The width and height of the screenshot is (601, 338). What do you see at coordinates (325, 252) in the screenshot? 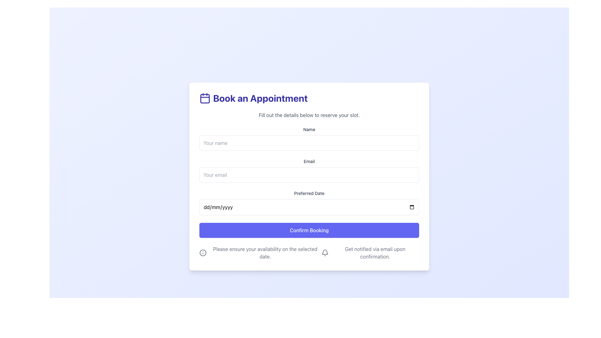
I see `the bell-shaped notification icon located to the left of the text 'Get notified via email upon confirmation.' in the bottom-right corner of the viewport` at bounding box center [325, 252].